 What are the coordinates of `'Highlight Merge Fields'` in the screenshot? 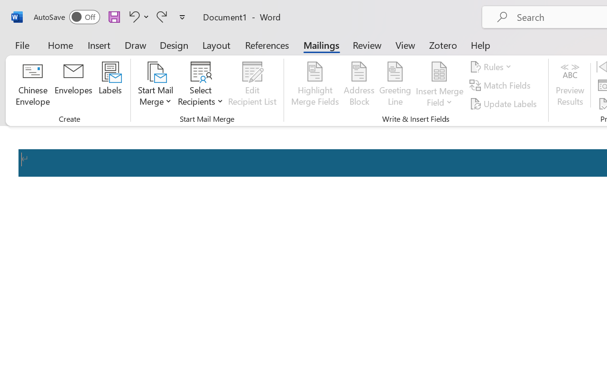 It's located at (315, 85).